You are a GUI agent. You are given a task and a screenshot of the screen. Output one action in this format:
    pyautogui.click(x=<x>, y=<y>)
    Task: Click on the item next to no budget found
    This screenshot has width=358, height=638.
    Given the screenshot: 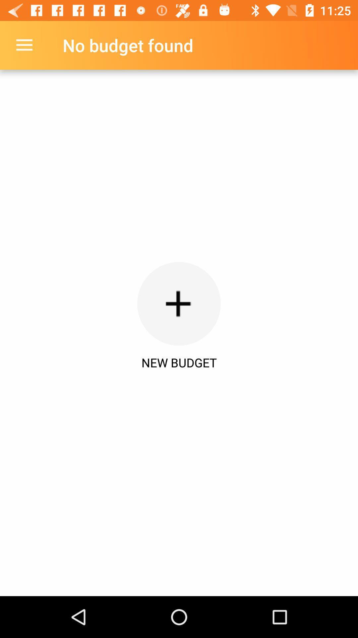 What is the action you would take?
    pyautogui.click(x=24, y=45)
    